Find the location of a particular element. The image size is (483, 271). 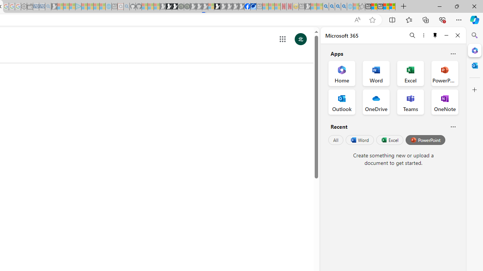

'Bing AI - Search' is located at coordinates (326, 6).